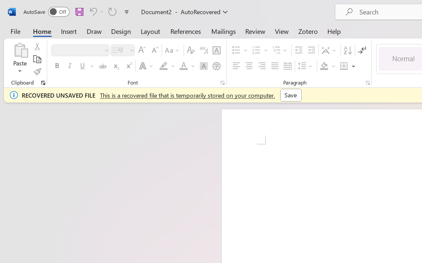 This screenshot has height=263, width=422. What do you see at coordinates (37, 59) in the screenshot?
I see `'Copy'` at bounding box center [37, 59].